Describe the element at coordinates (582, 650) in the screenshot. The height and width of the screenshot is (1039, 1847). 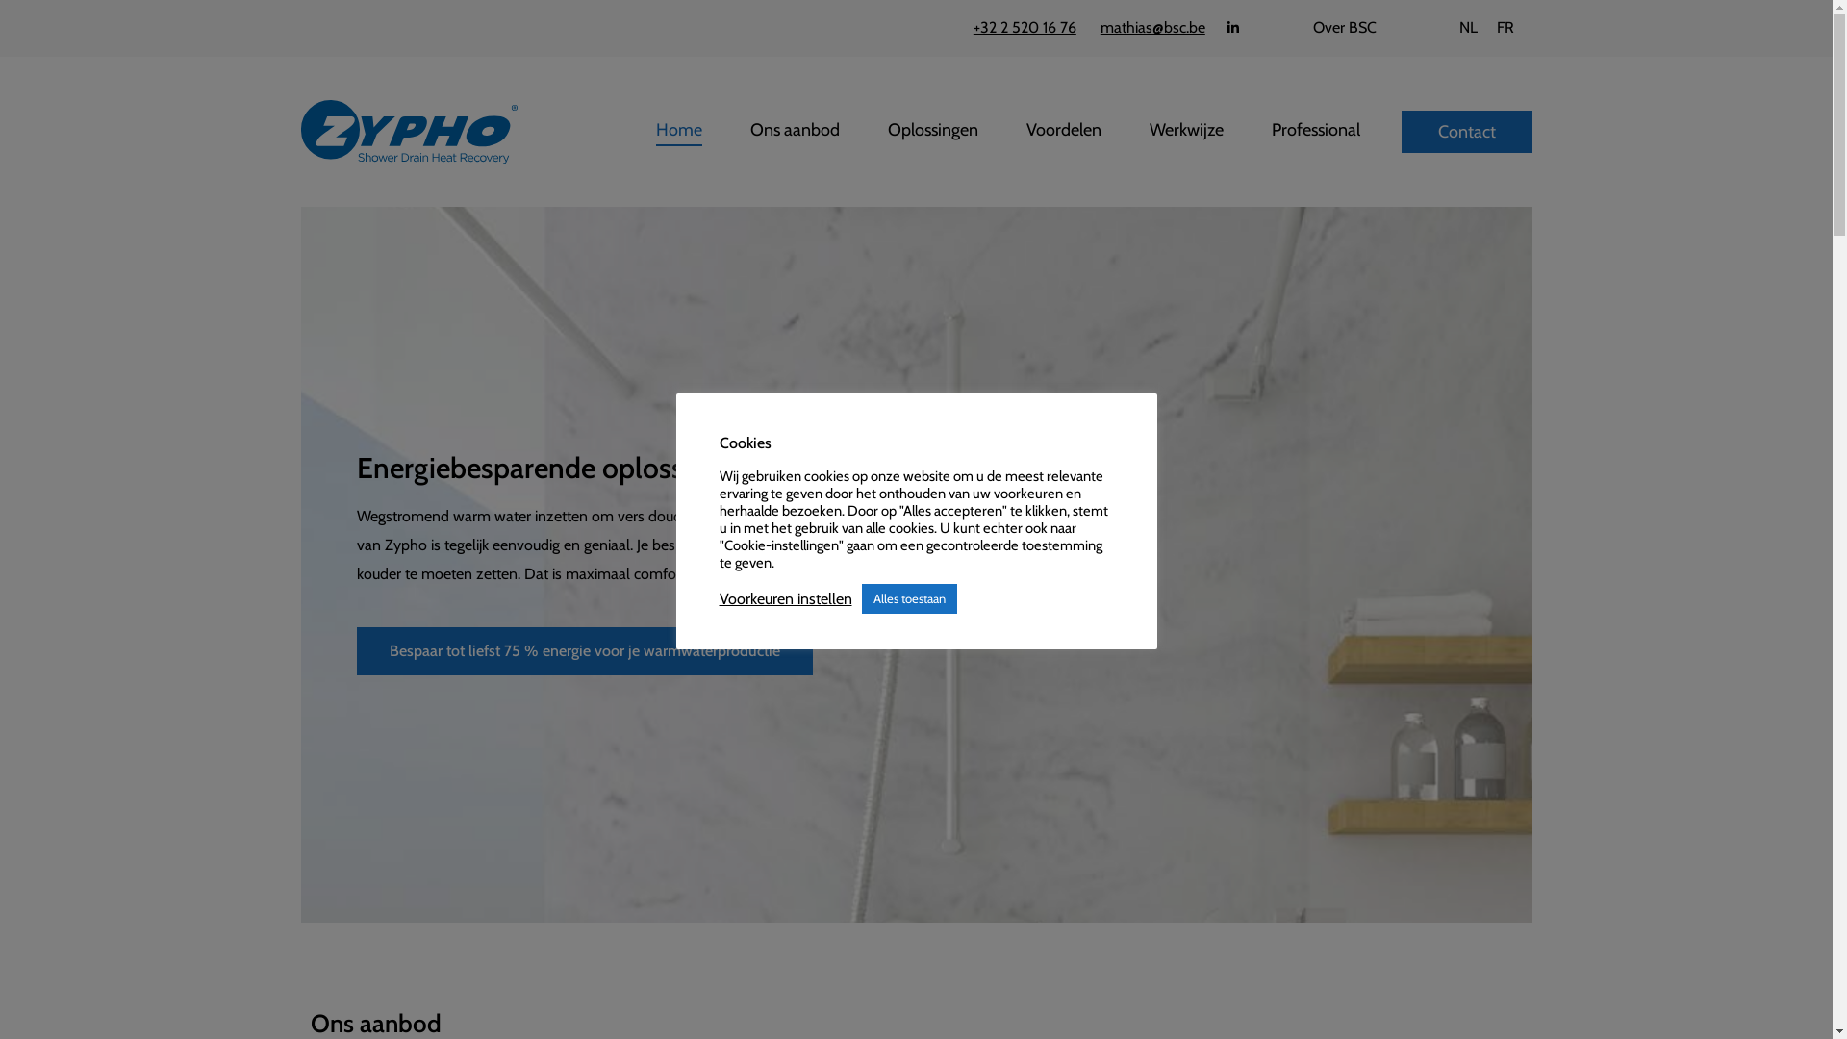
I see `'Bespaar tot liefst 75 % energie voor je warmwaterproductie'` at that location.